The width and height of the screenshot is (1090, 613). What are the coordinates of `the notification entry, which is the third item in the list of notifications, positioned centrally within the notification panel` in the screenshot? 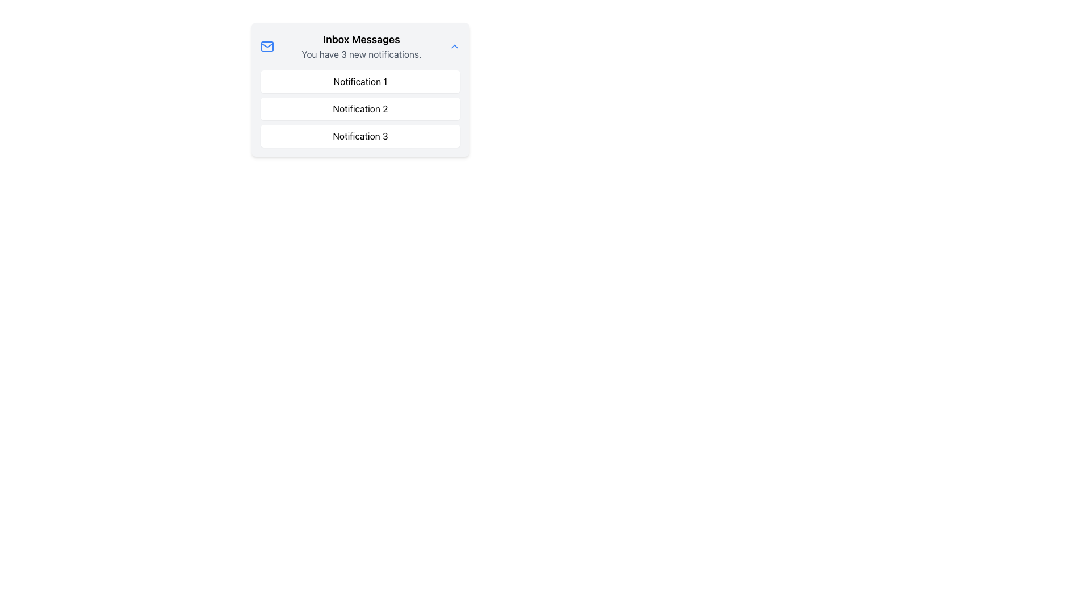 It's located at (359, 135).